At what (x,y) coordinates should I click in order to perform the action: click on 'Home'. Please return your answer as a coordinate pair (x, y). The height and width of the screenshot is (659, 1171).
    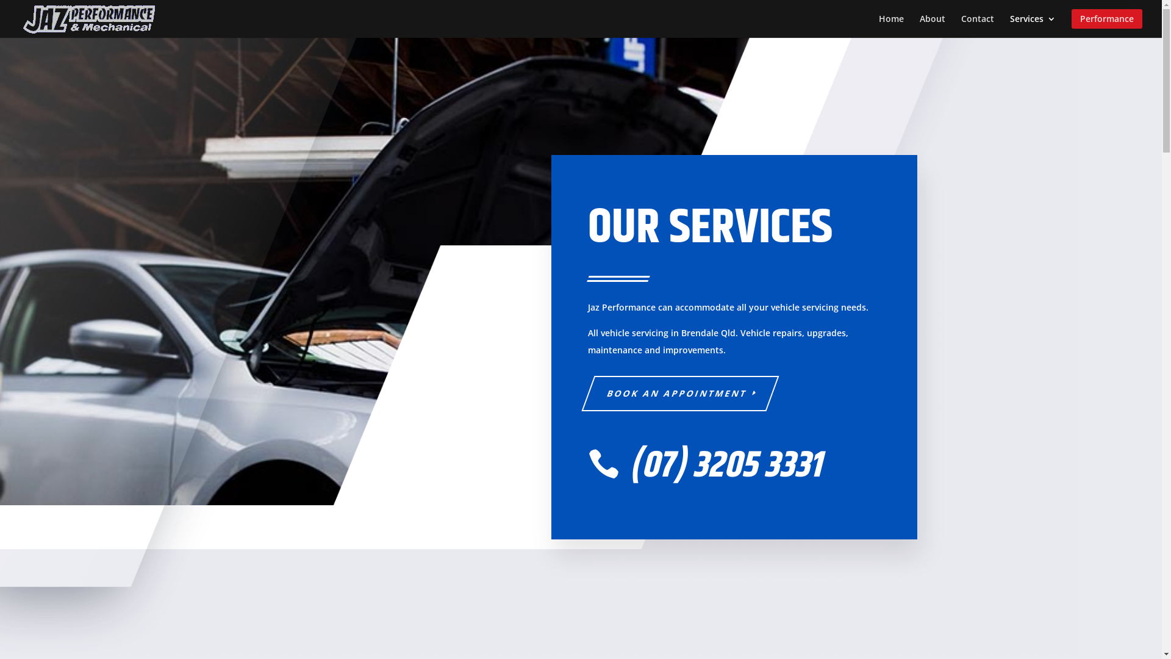
    Looking at the image, I should click on (891, 23).